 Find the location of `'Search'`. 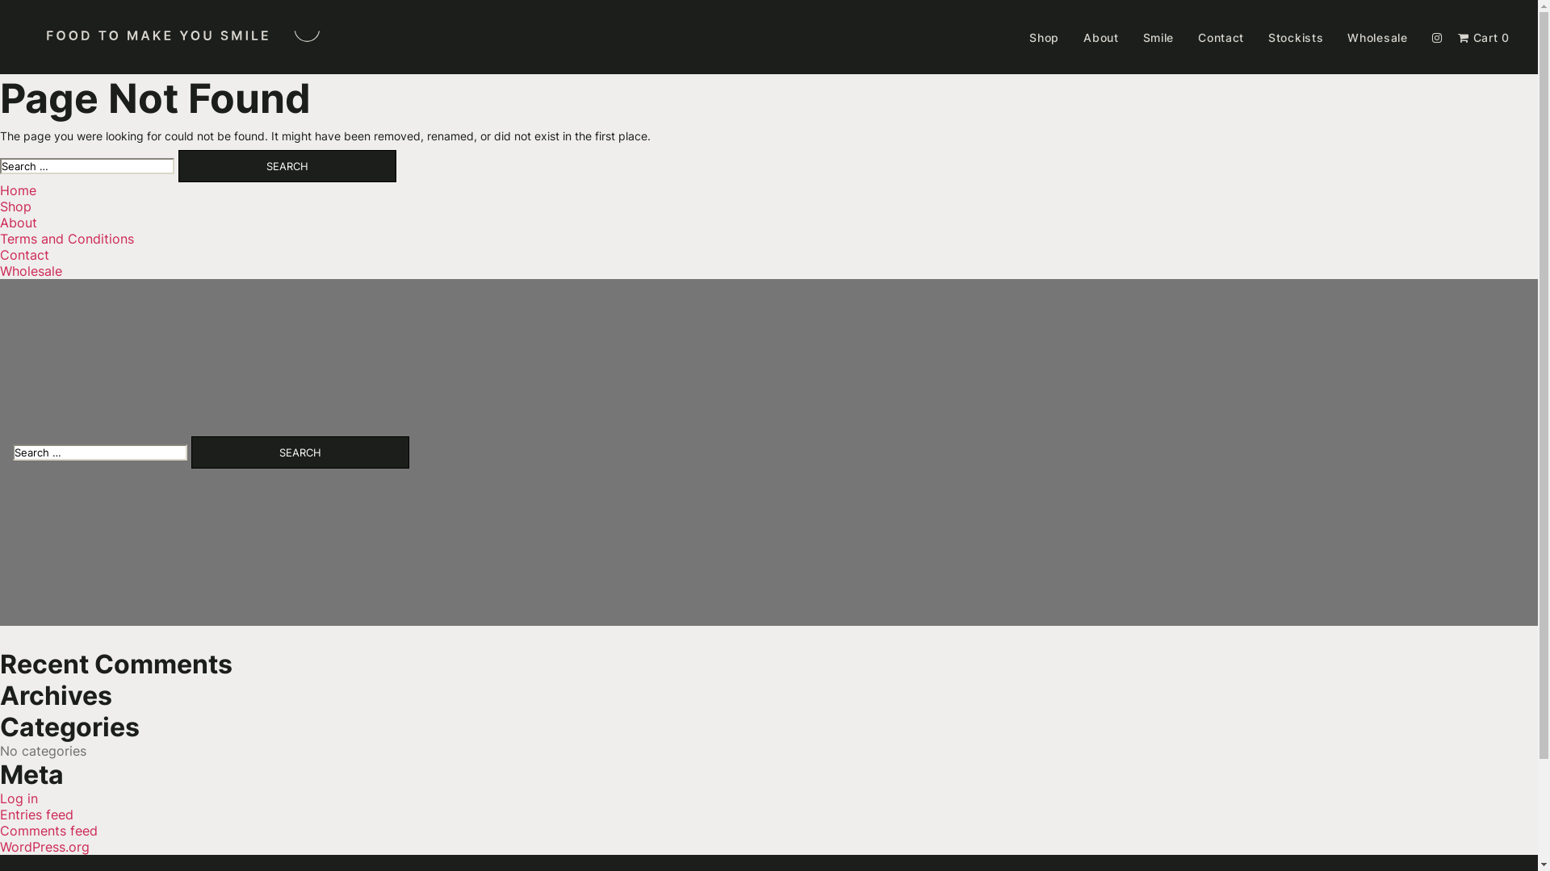

'Search' is located at coordinates (191, 452).